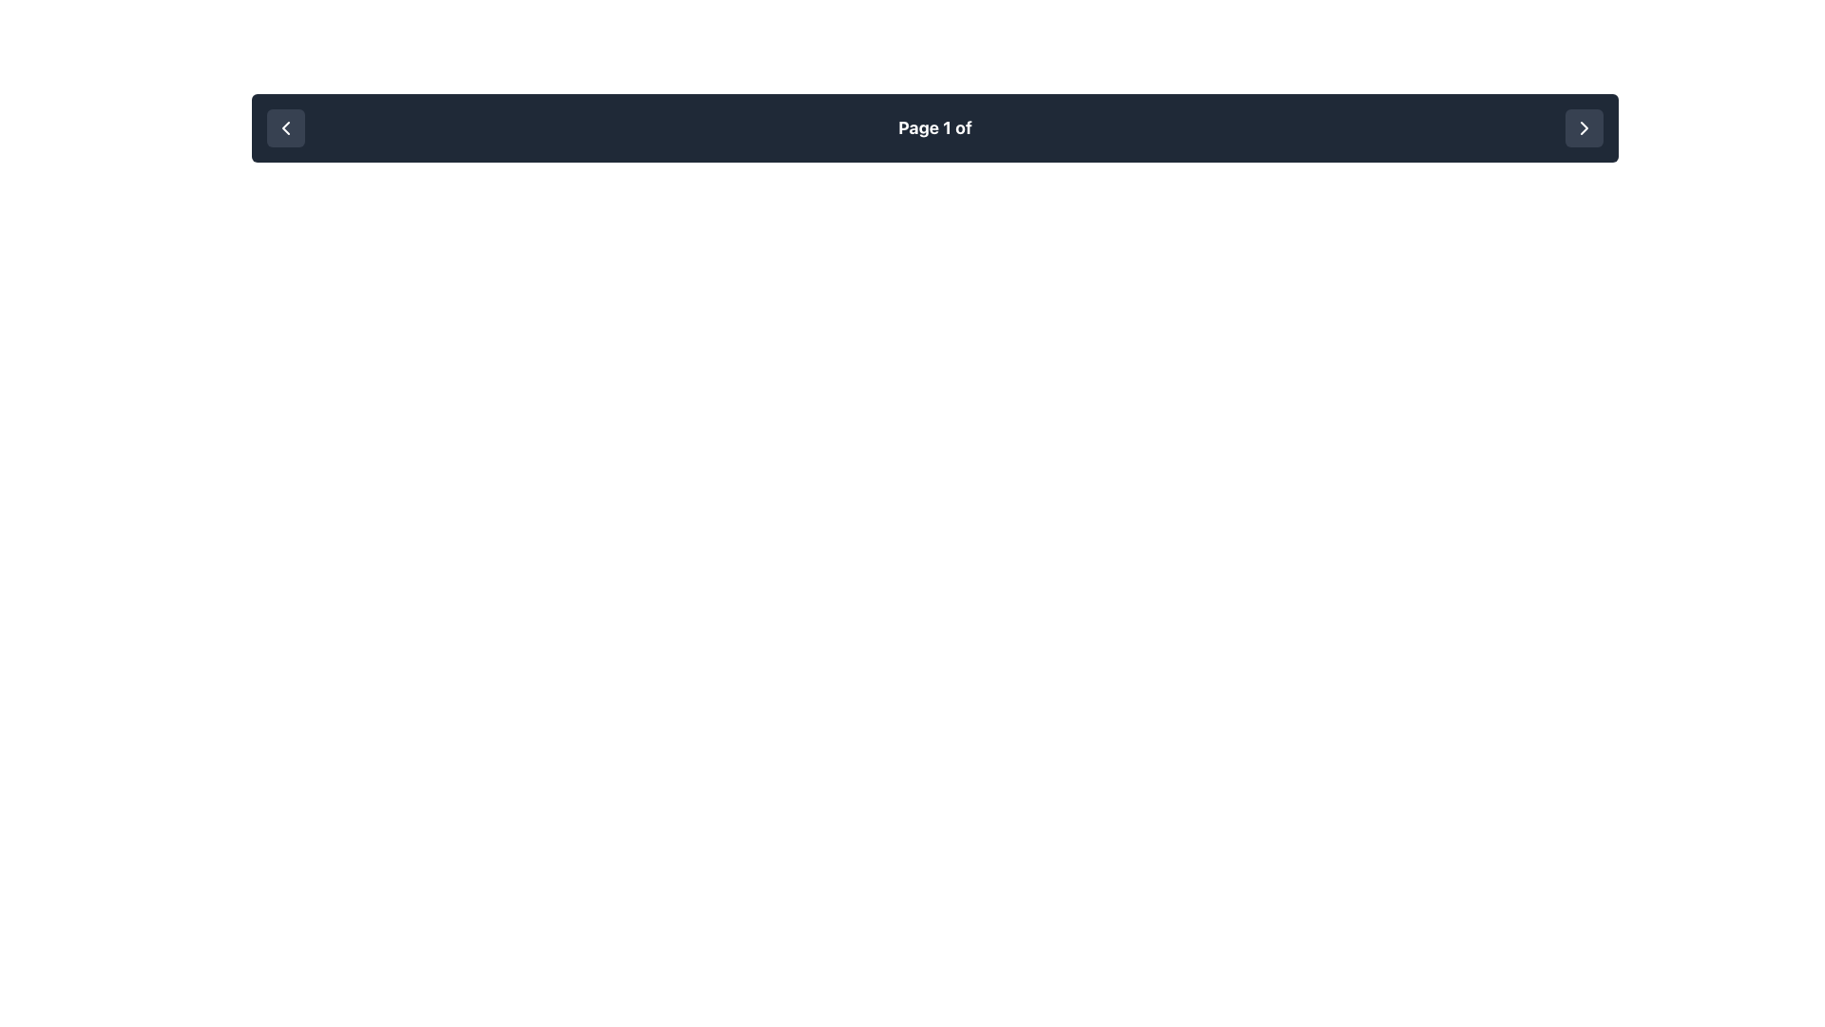 The height and width of the screenshot is (1027, 1825). I want to click on the rectangular button with a dark gray background and a white left-pointing chevron icon, located on the left side of the navigation bar preceding the text 'Page 1 of', so click(285, 128).